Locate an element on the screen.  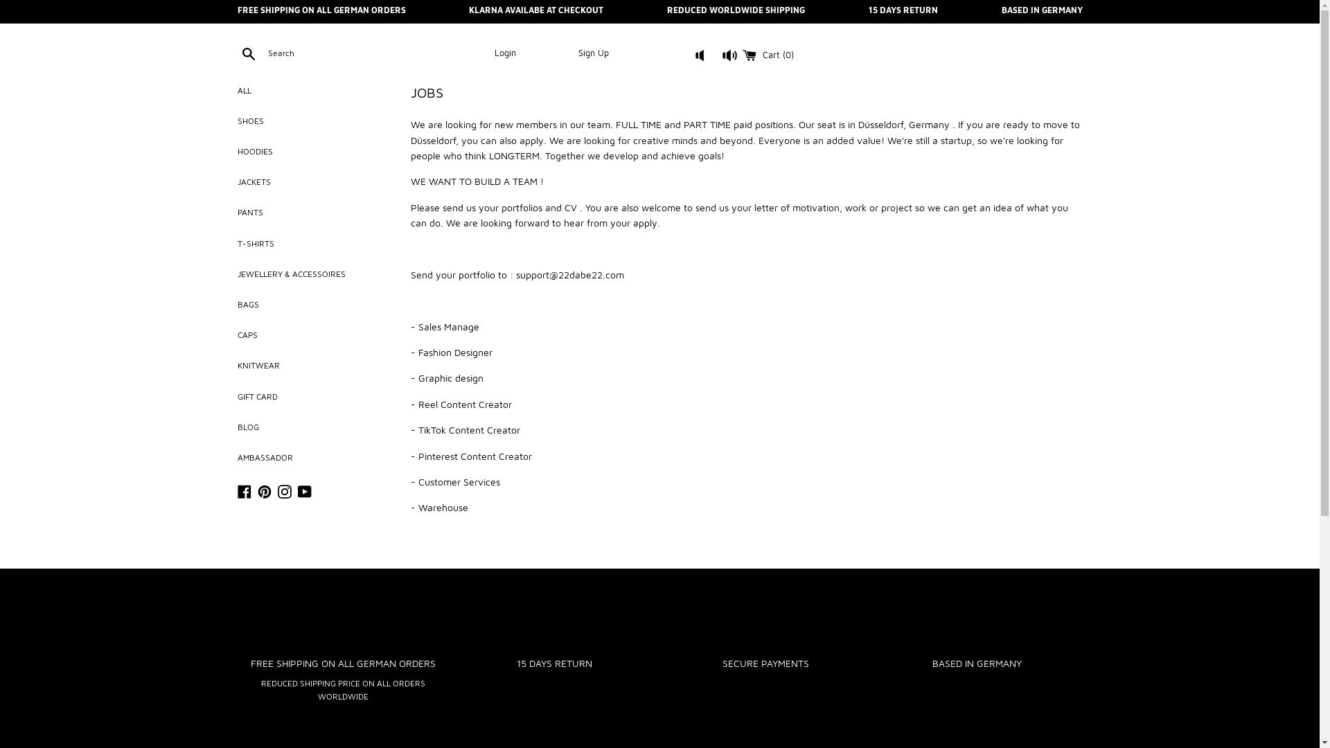
'Login' is located at coordinates (495, 52).